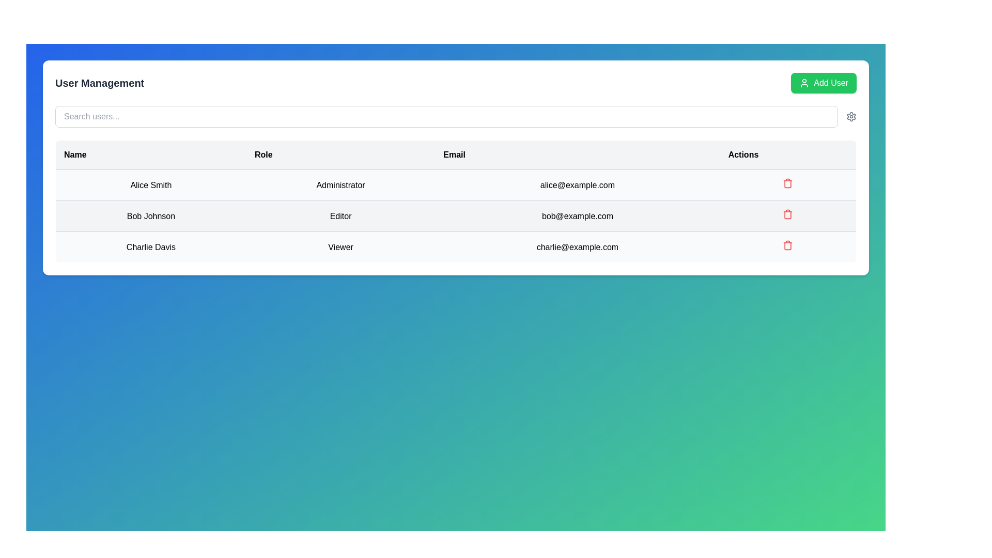 This screenshot has height=558, width=992. I want to click on the static text displaying the user's email address located in the third row of the user management table, so click(577, 247).